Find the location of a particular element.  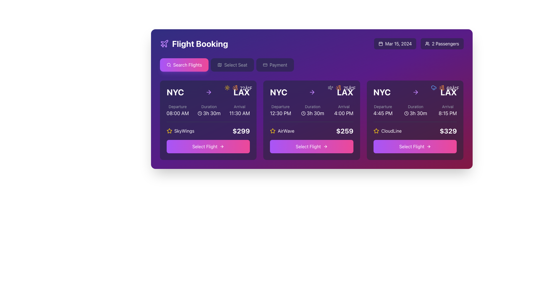

the temperature display '72°F', which is styled with white font on a purple background, located in the top-right of the second flight card from the left, adjacent to weather icons is located at coordinates (246, 88).